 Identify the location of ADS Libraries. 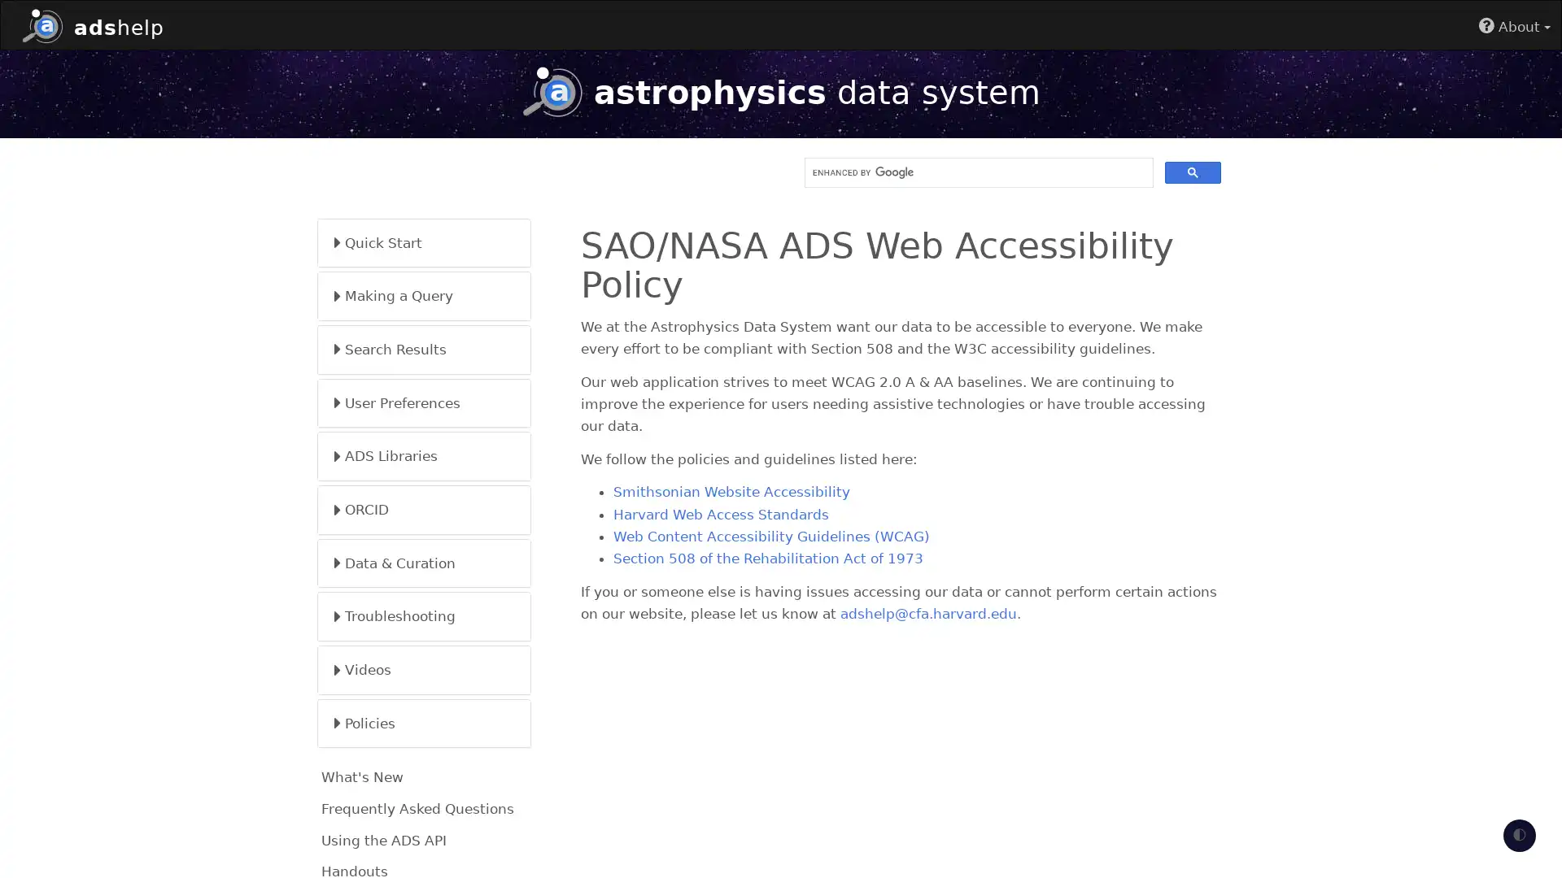
(424, 455).